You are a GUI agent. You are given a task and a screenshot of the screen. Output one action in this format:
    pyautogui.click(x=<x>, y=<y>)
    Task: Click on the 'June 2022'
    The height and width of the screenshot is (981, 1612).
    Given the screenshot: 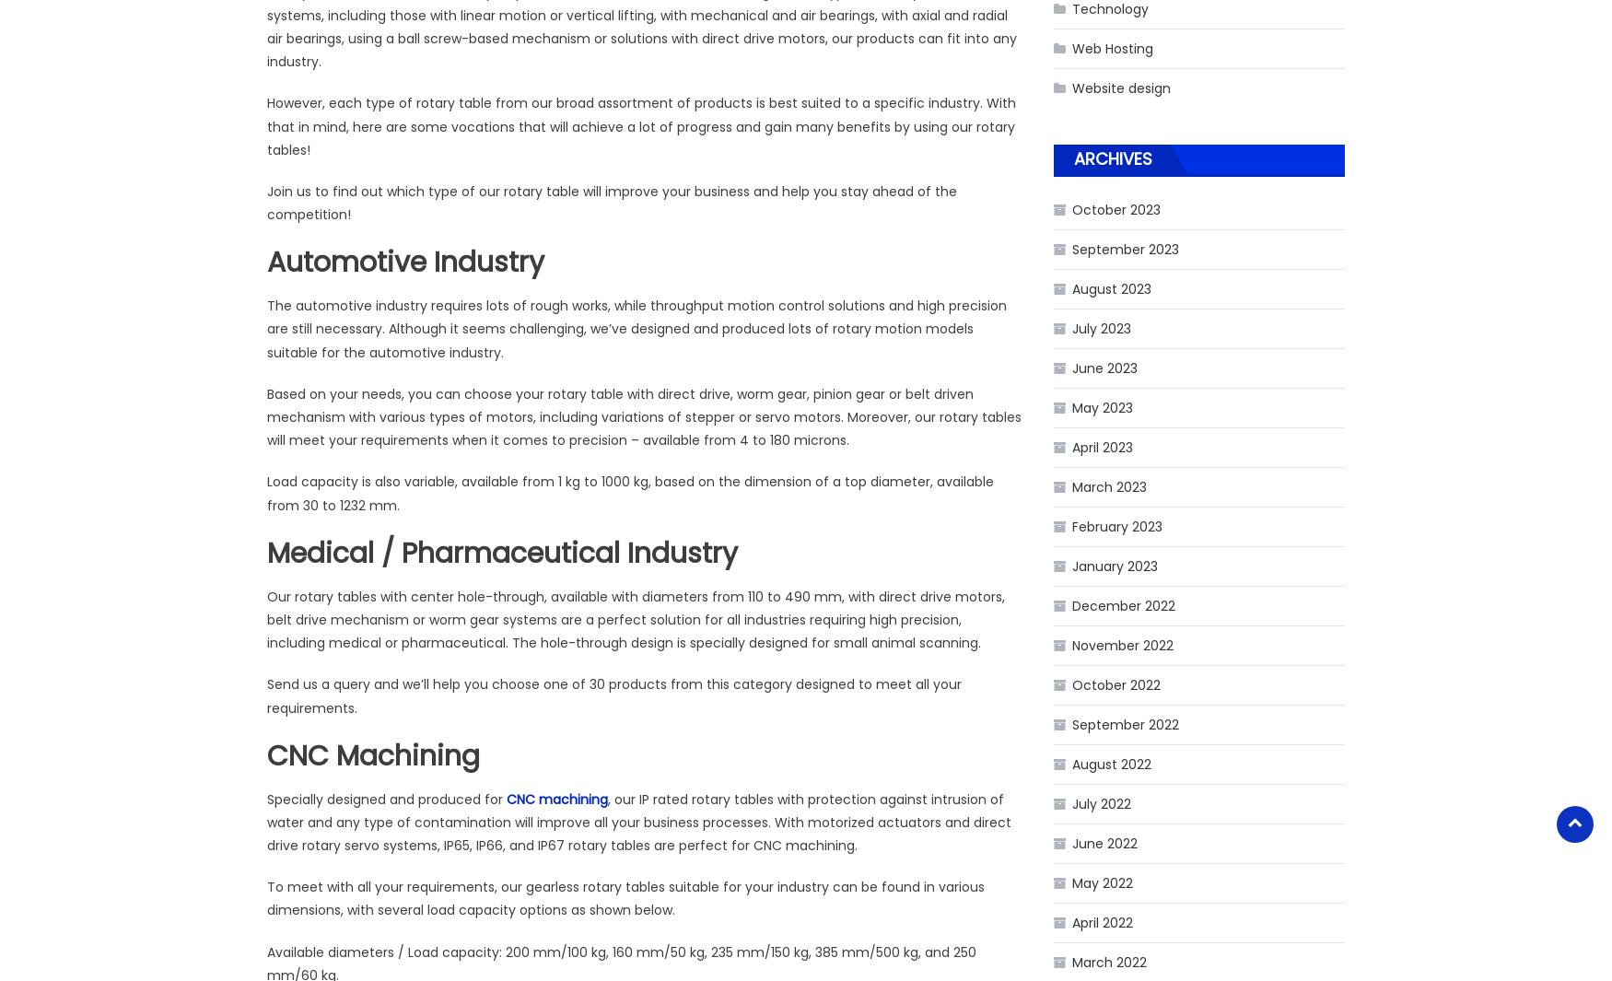 What is the action you would take?
    pyautogui.click(x=1104, y=844)
    